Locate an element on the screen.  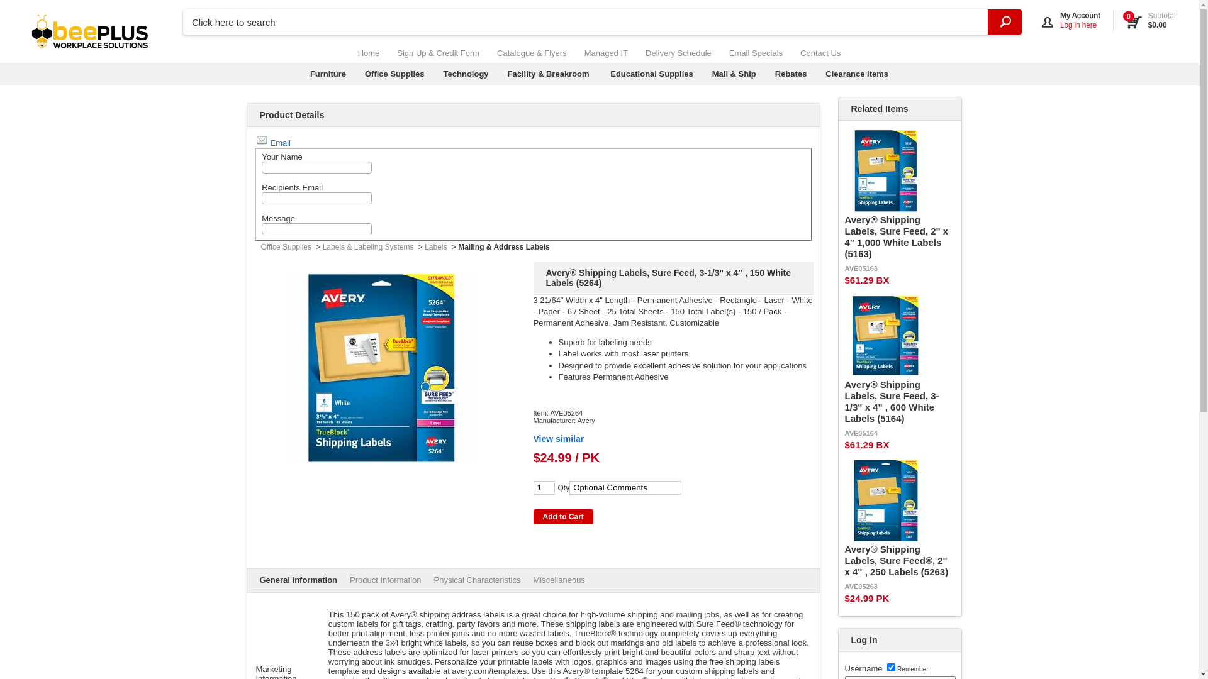
'Delivery Schedule' is located at coordinates (678, 52).